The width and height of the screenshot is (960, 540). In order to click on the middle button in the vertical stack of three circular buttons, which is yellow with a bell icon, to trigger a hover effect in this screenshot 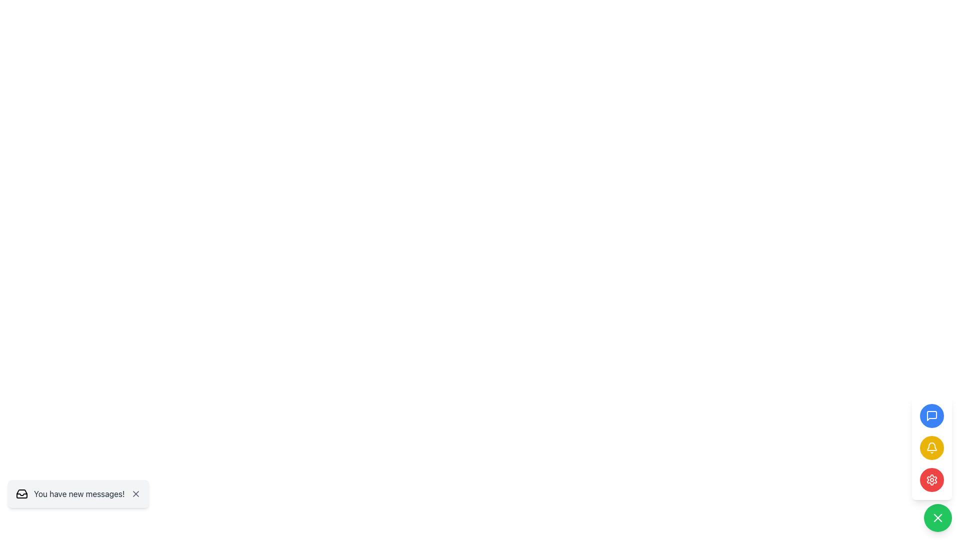, I will do `click(931, 447)`.